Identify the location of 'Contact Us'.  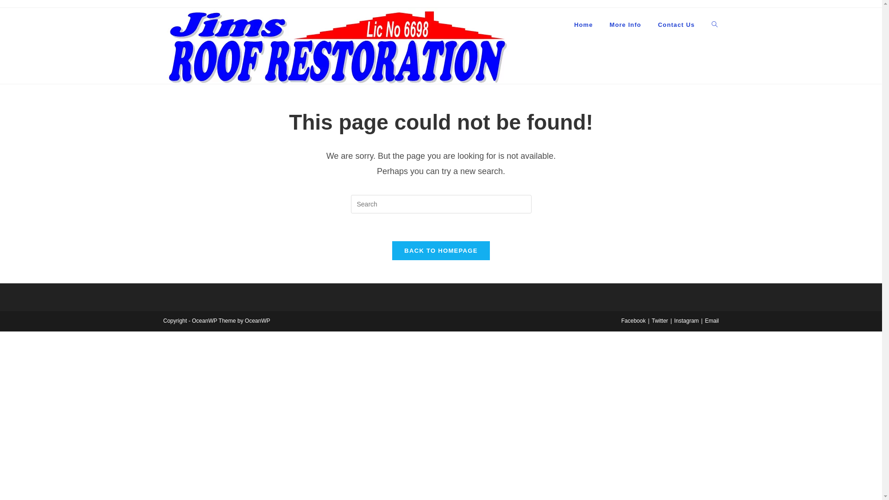
(649, 25).